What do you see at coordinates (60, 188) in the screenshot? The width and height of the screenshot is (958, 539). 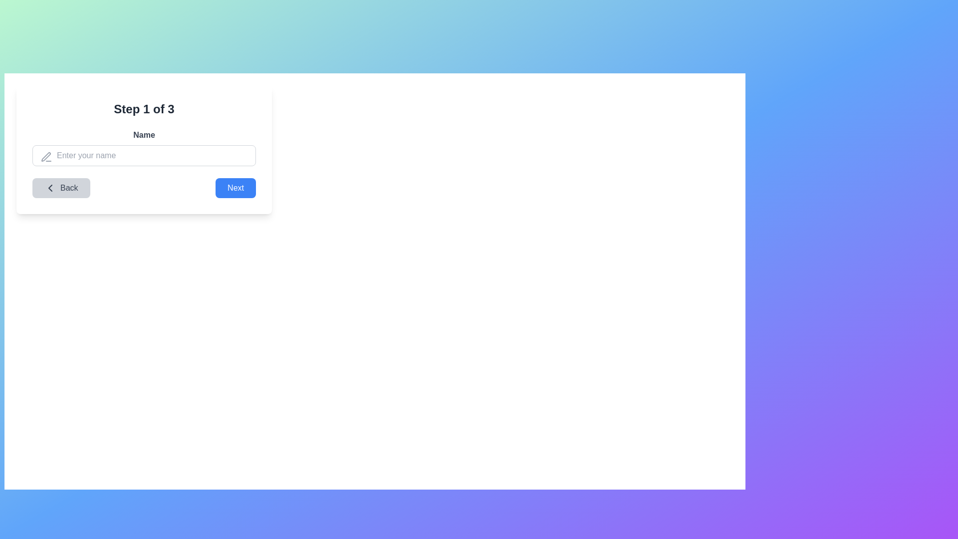 I see `the 'Back' button, which is a rectangular button with a light gray background and a left-pointing arrow icon, located at the bottom left of the card interface` at bounding box center [60, 188].